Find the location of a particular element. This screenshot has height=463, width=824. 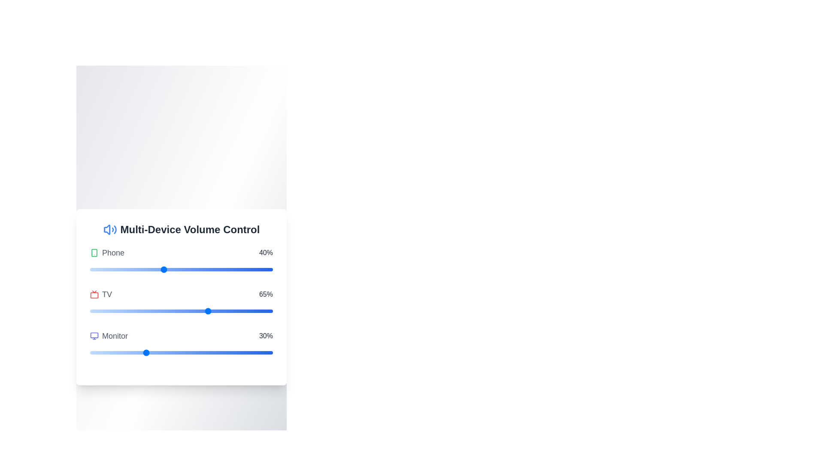

the volume slider is located at coordinates (256, 269).